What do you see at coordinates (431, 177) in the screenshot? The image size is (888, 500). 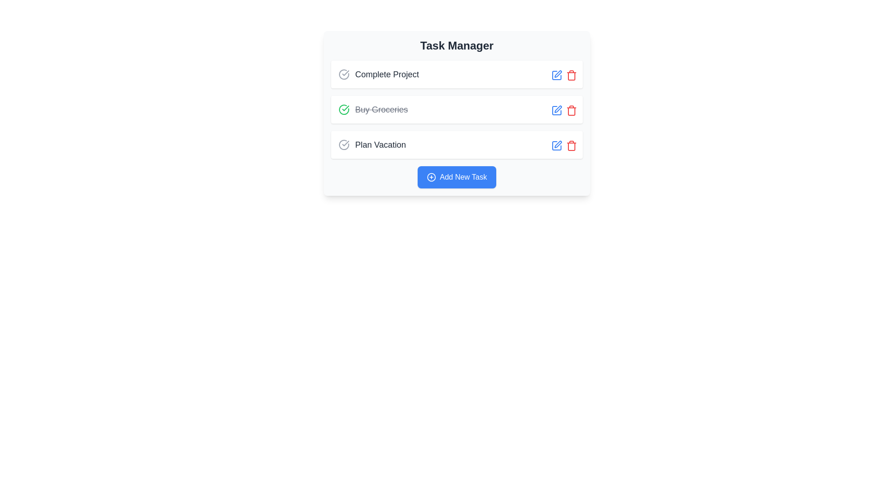 I see `the 'Add New Task' button that contains the circular 'plus' icon, which is centered at the bottom of the task list` at bounding box center [431, 177].